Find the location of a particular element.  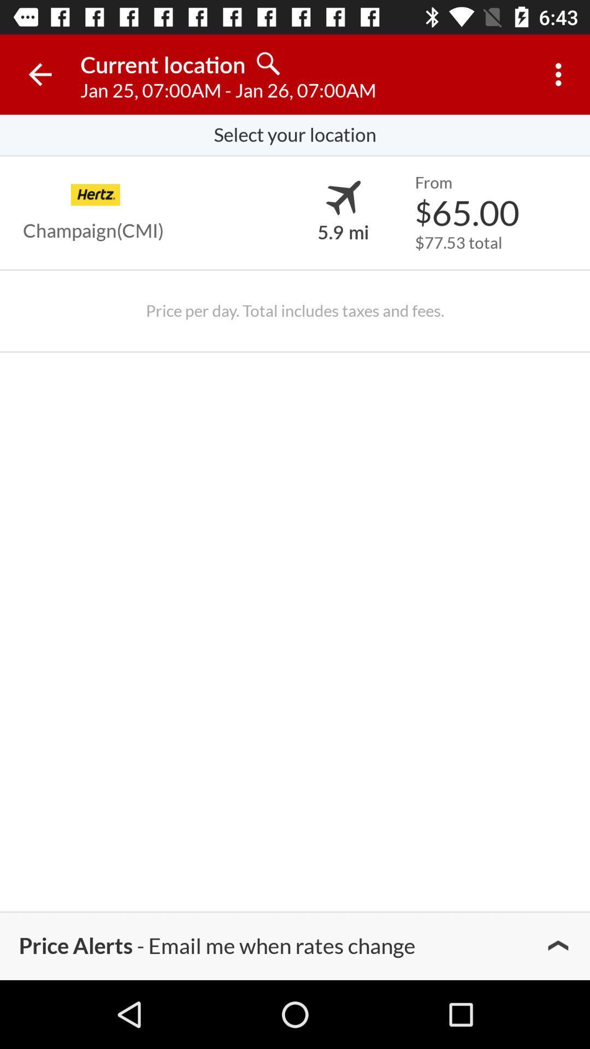

the icon below from item is located at coordinates (467, 212).